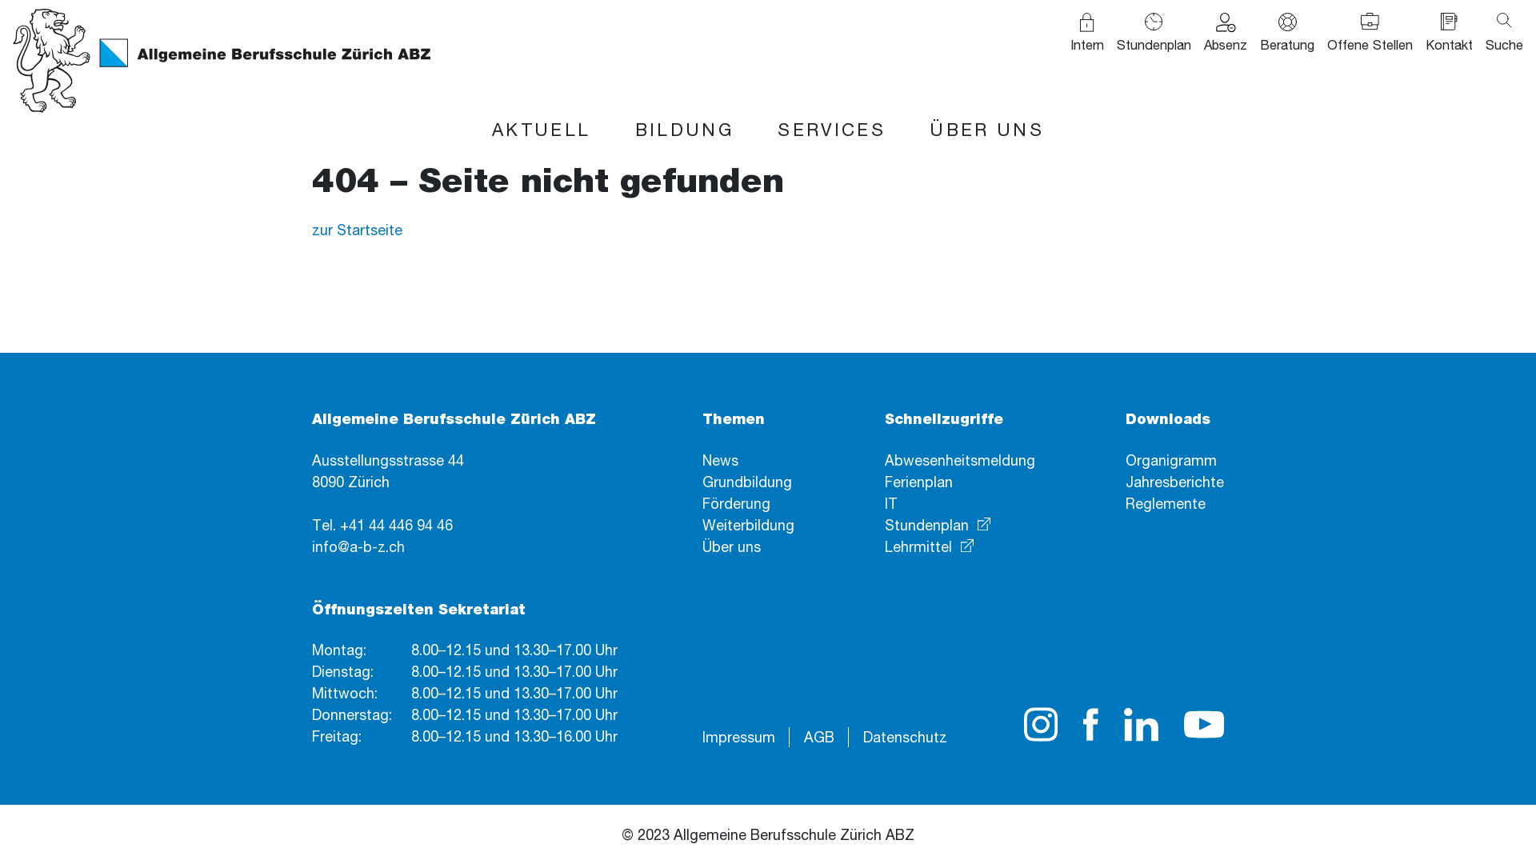  Describe the element at coordinates (1503, 34) in the screenshot. I see `'Suche'` at that location.